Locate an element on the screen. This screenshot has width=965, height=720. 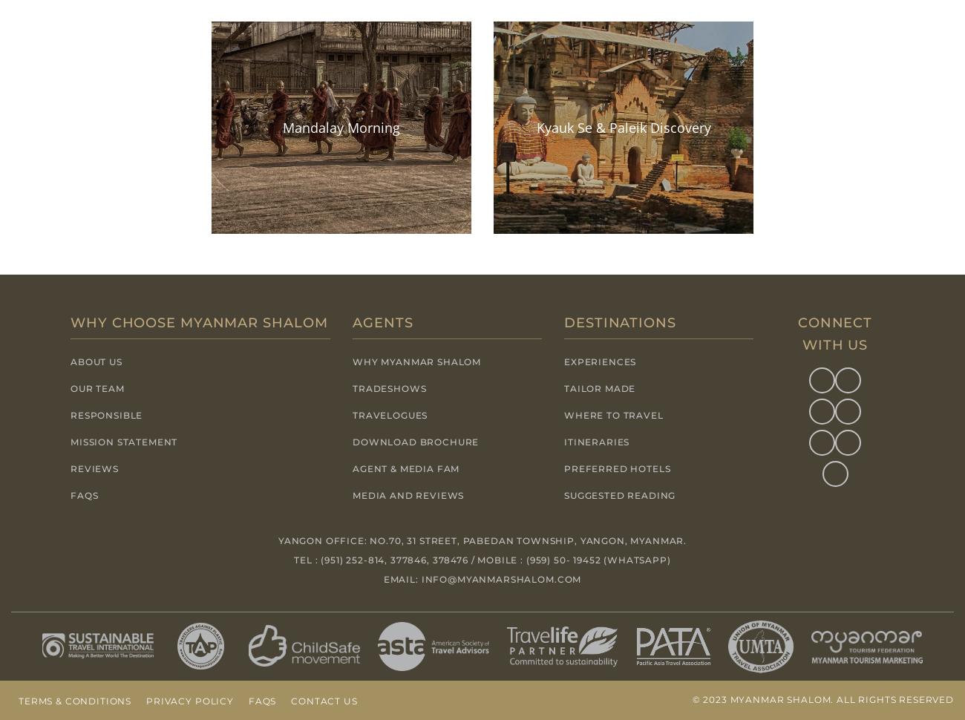
'378476' is located at coordinates (431, 558).